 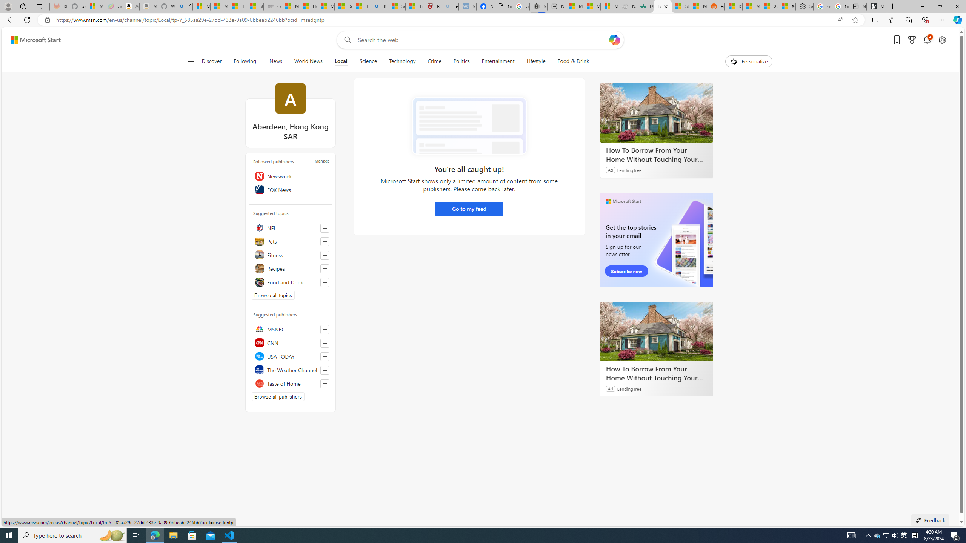 What do you see at coordinates (291, 329) in the screenshot?
I see `'MSNBC'` at bounding box center [291, 329].